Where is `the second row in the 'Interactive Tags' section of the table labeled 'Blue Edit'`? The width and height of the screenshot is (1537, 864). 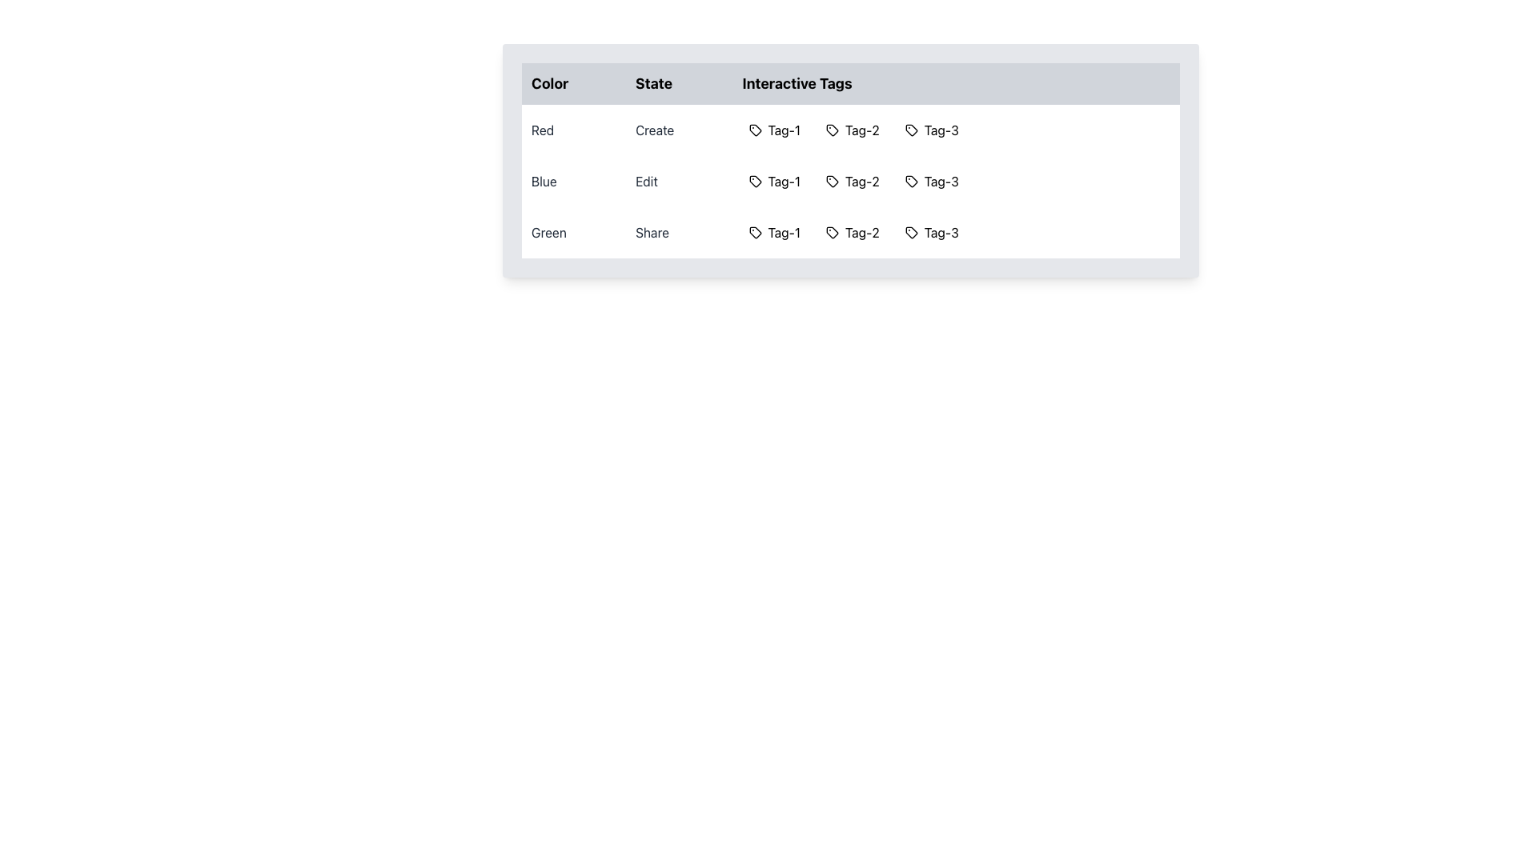
the second row in the 'Interactive Tags' section of the table labeled 'Blue Edit' is located at coordinates (849, 181).